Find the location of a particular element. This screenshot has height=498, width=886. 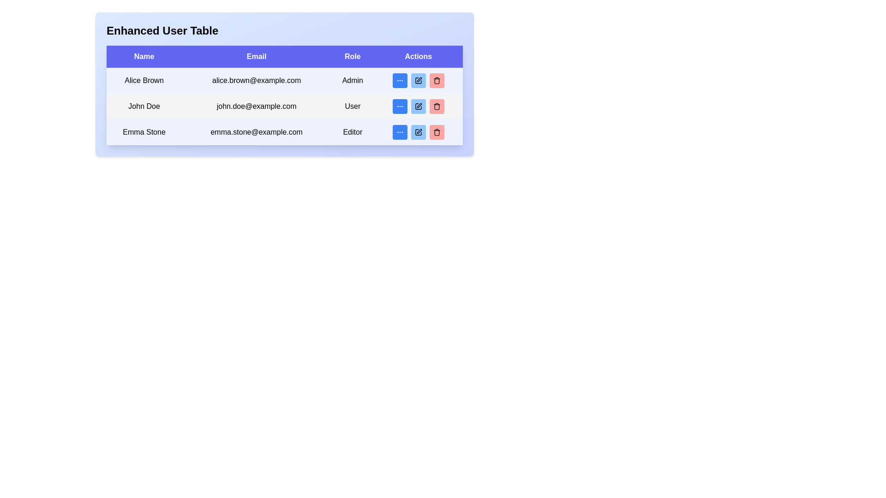

the trash can icon with a red background located in the 'Actions' column of the second row in the user table is located at coordinates (436, 80).